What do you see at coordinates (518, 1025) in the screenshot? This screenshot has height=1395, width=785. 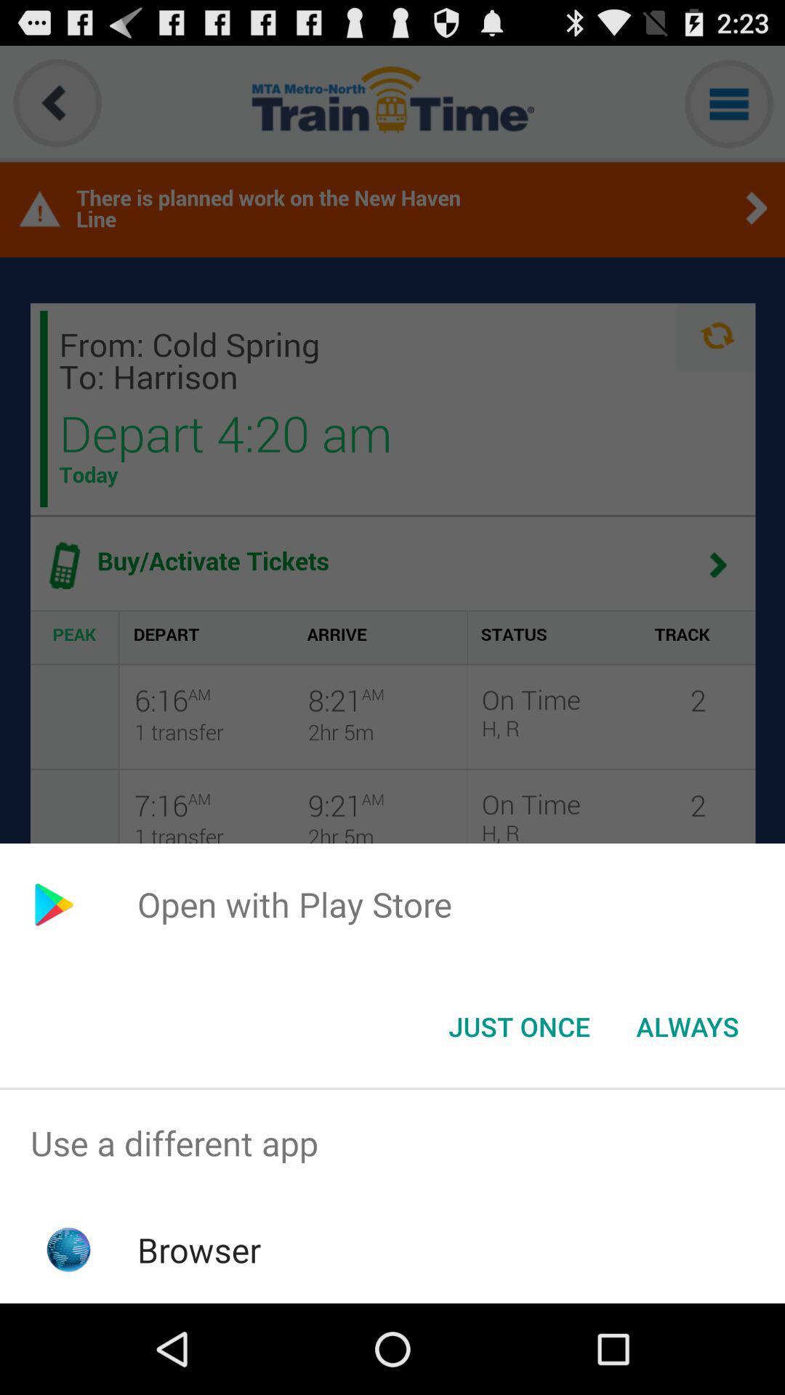 I see `app below open with play icon` at bounding box center [518, 1025].